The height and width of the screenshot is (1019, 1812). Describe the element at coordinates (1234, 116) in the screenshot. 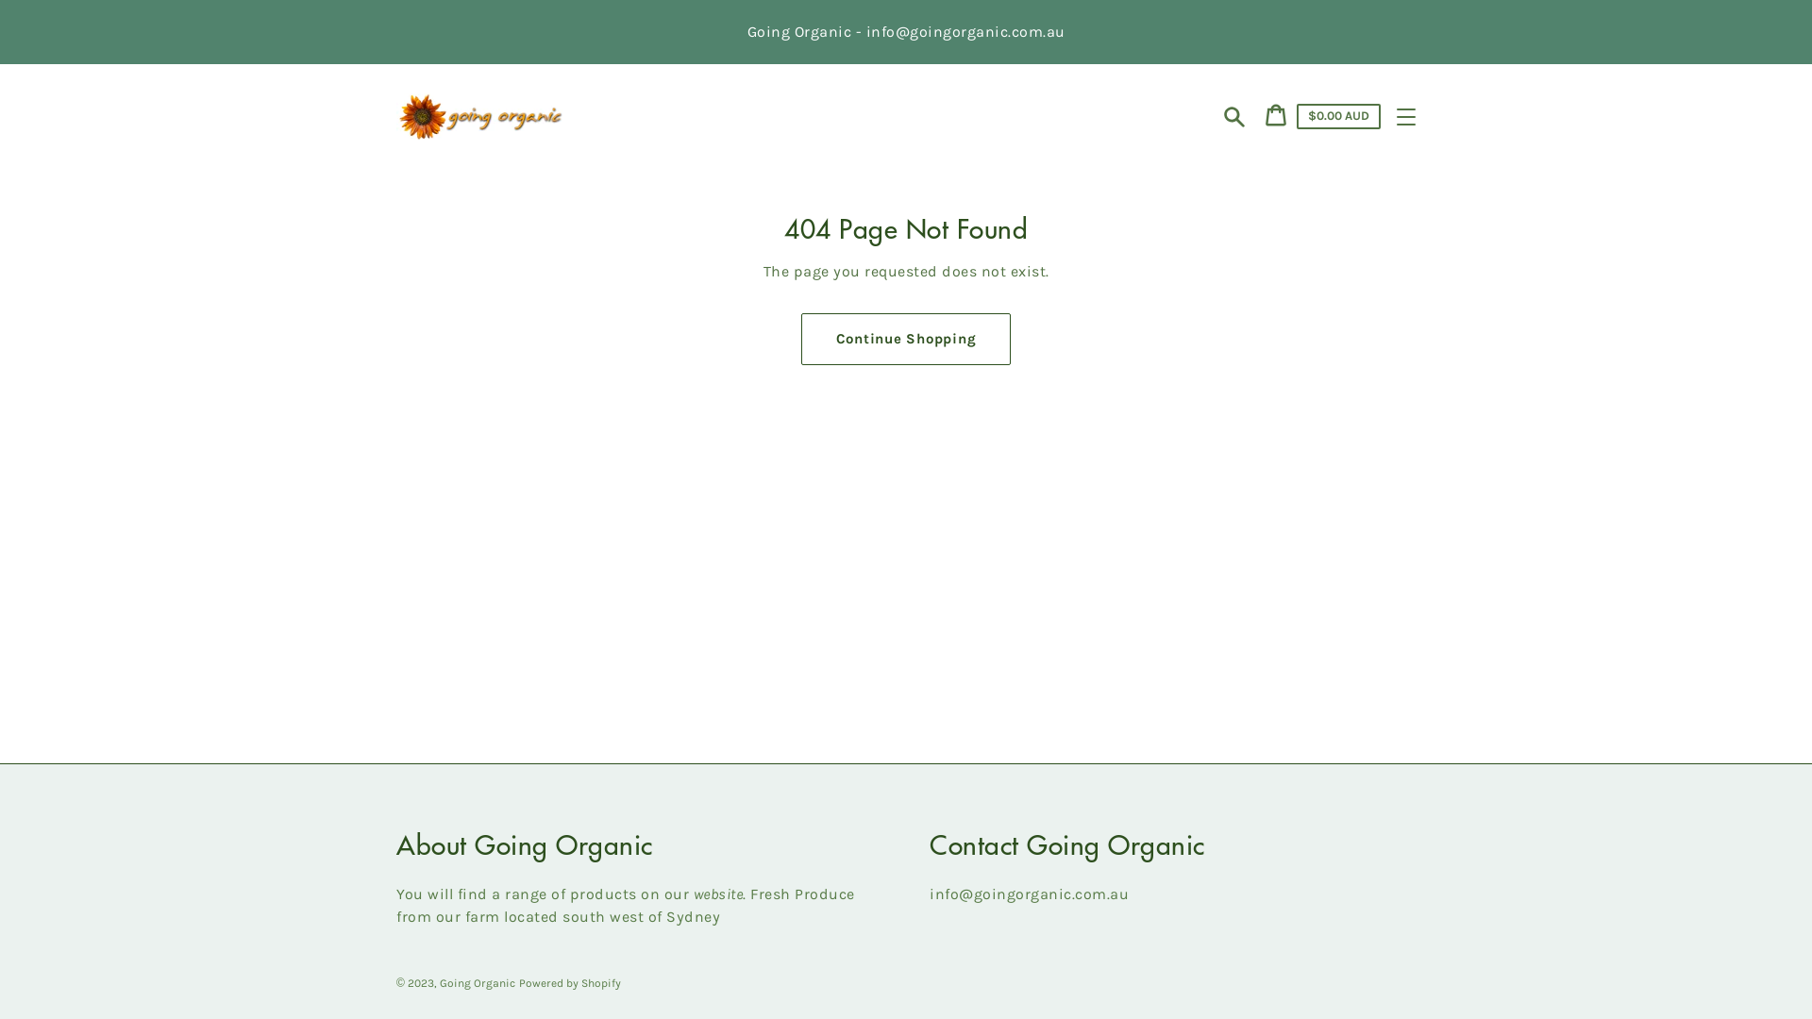

I see `'Search'` at that location.